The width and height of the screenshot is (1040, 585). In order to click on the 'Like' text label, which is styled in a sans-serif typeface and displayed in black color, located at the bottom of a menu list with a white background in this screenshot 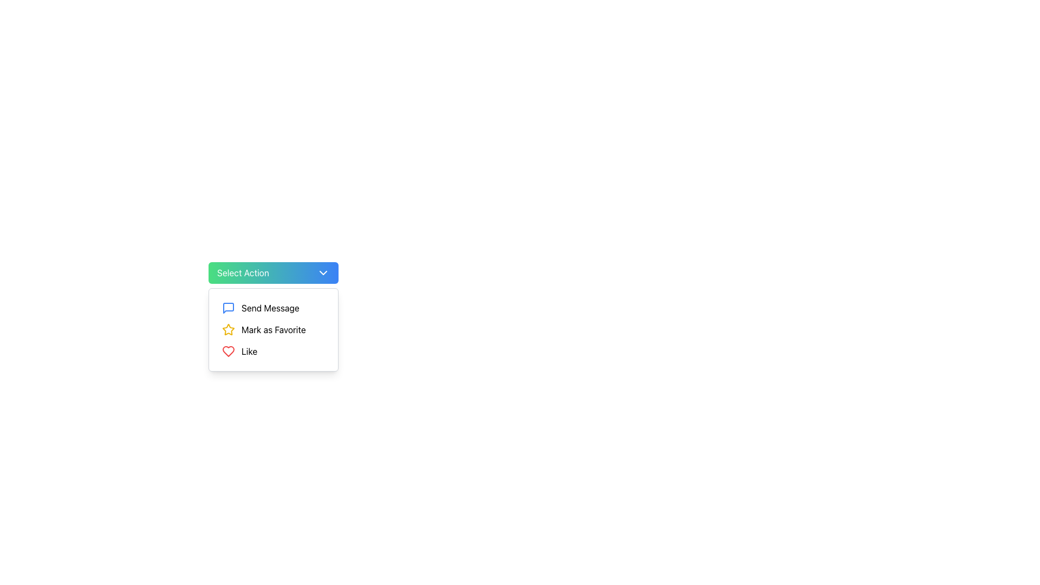, I will do `click(249, 351)`.